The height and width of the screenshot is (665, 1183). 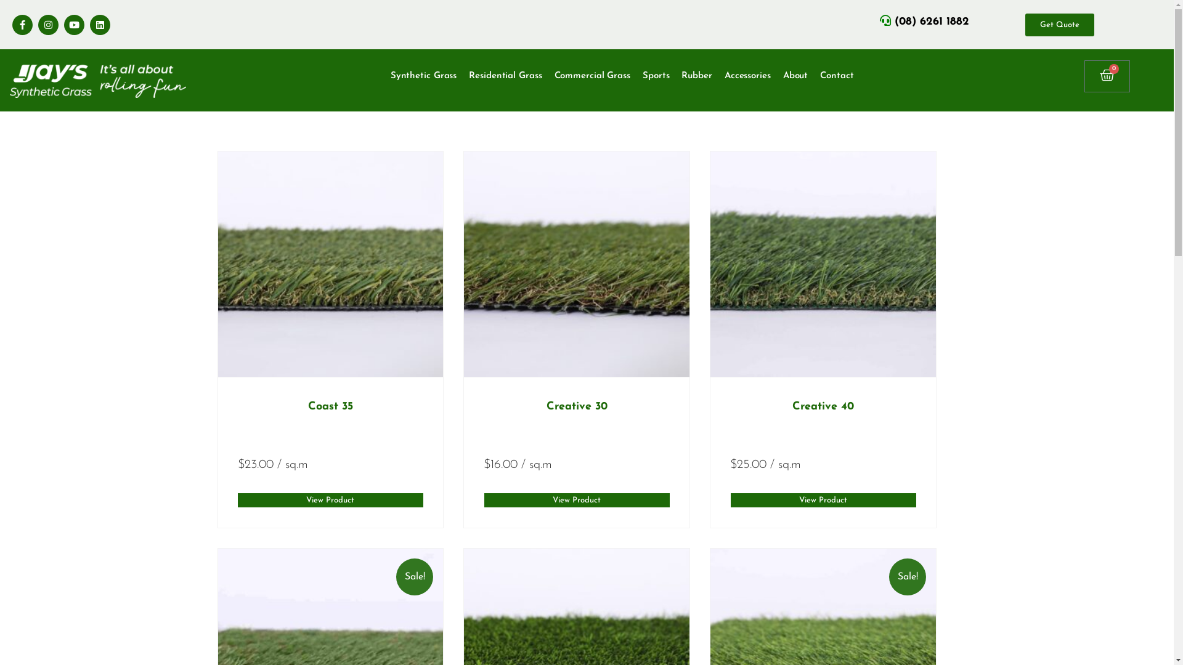 What do you see at coordinates (423, 76) in the screenshot?
I see `'Synthetic Grass'` at bounding box center [423, 76].